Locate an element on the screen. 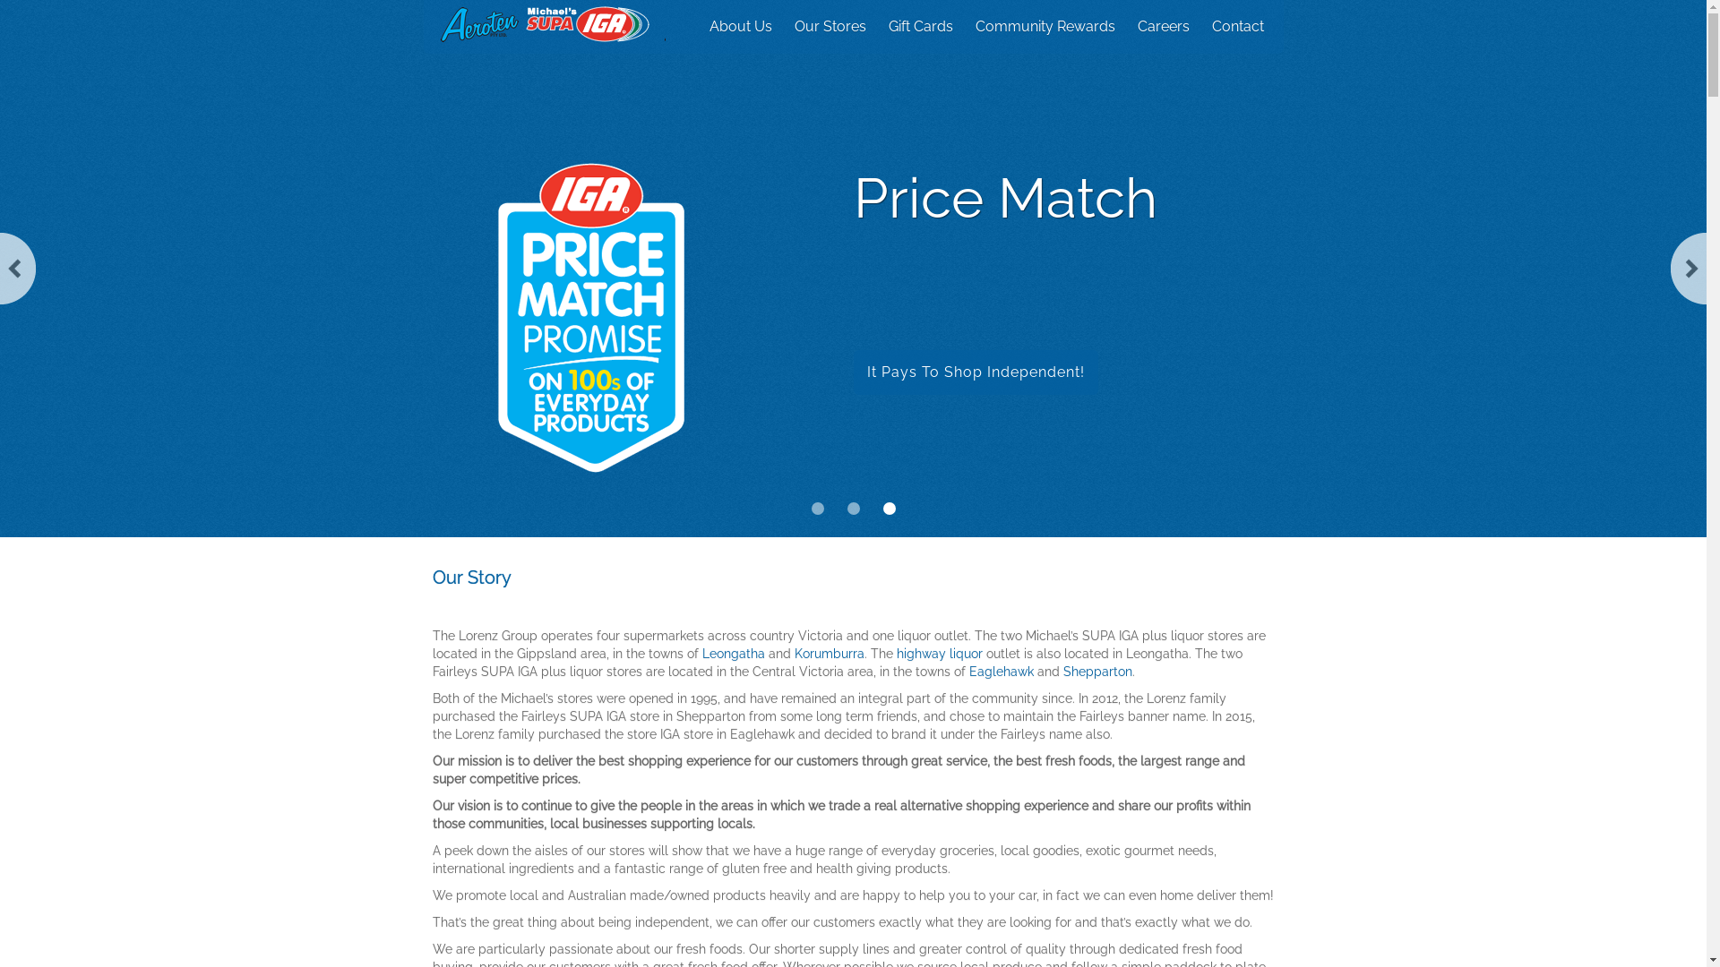 Image resolution: width=1720 pixels, height=967 pixels. 'Our Stores' is located at coordinates (829, 26).